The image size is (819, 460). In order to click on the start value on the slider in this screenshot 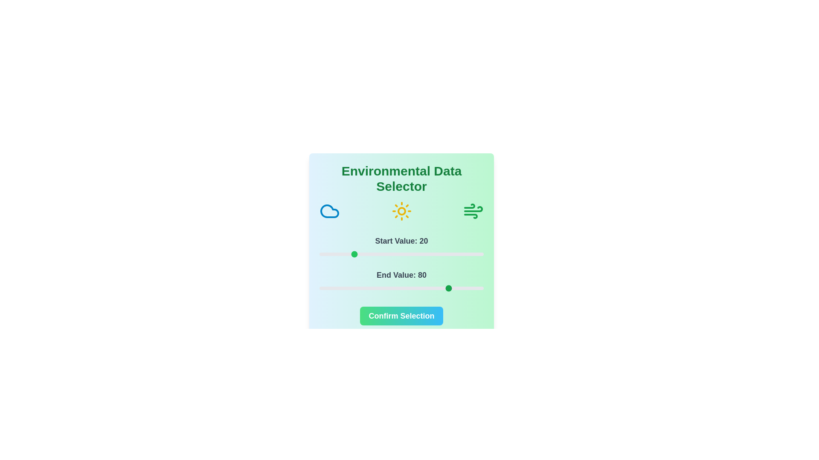, I will do `click(330, 254)`.